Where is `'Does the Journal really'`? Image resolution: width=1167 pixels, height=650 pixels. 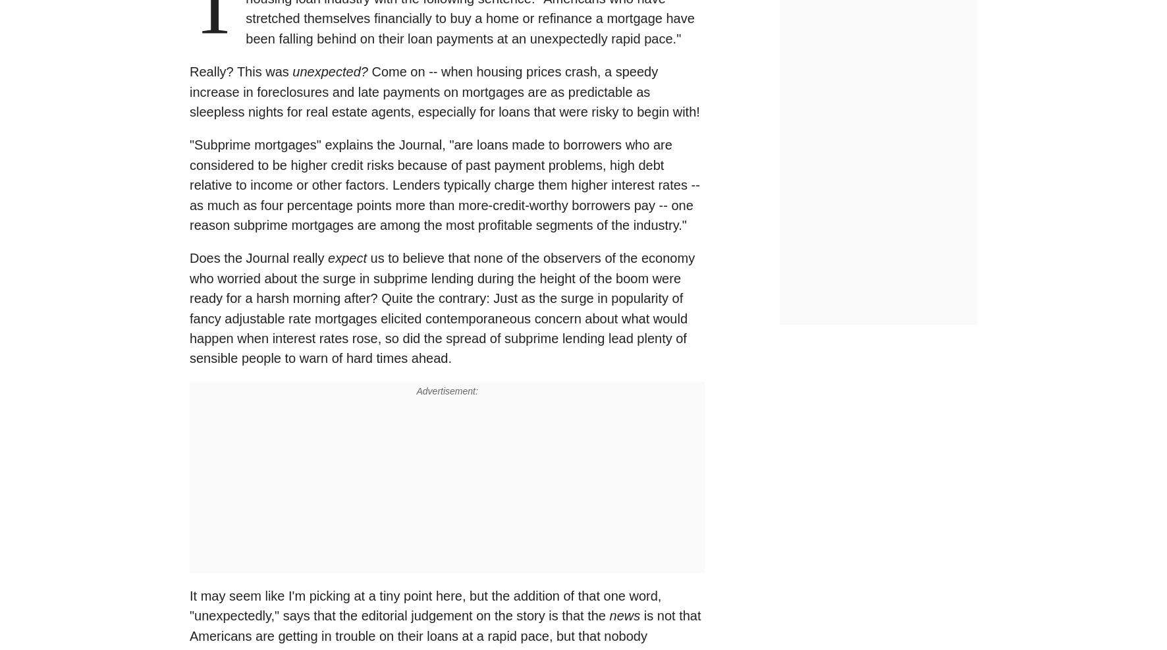 'Does the Journal really' is located at coordinates (259, 258).